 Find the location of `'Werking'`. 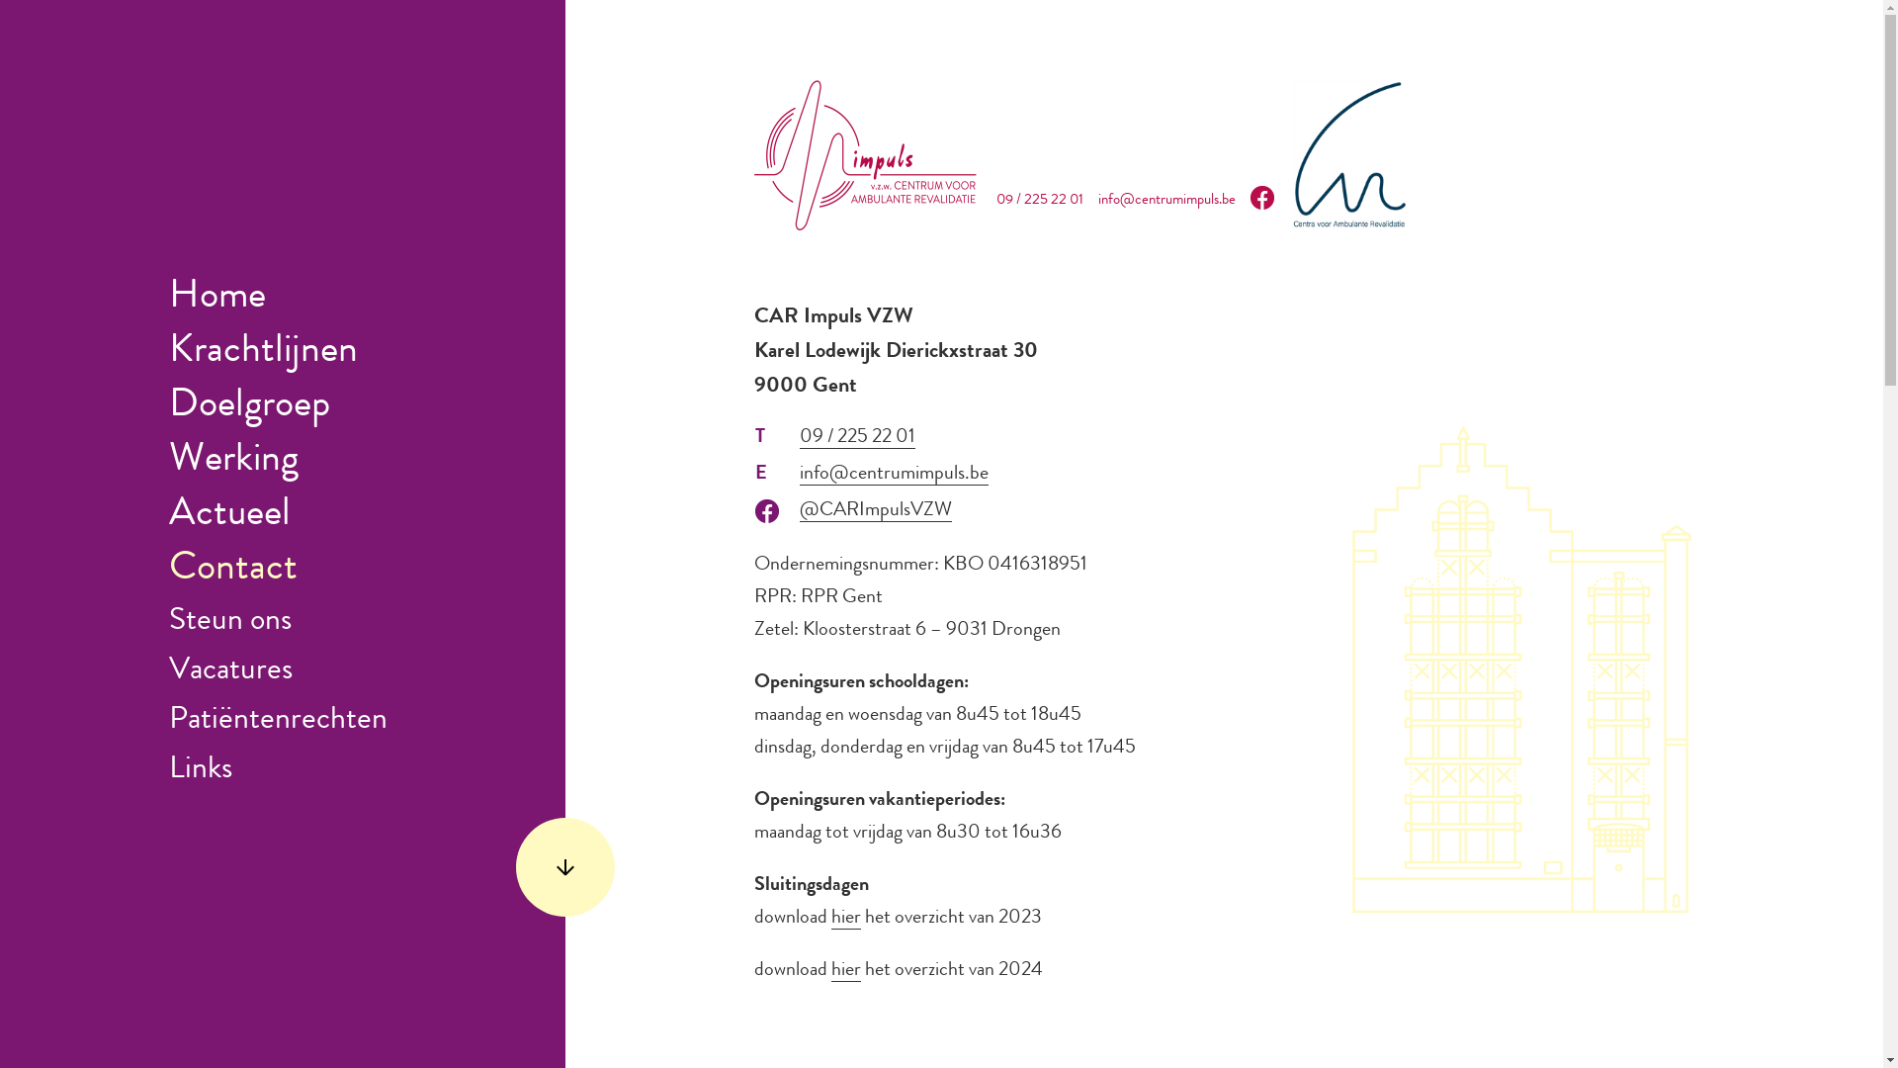

'Werking' is located at coordinates (169, 461).